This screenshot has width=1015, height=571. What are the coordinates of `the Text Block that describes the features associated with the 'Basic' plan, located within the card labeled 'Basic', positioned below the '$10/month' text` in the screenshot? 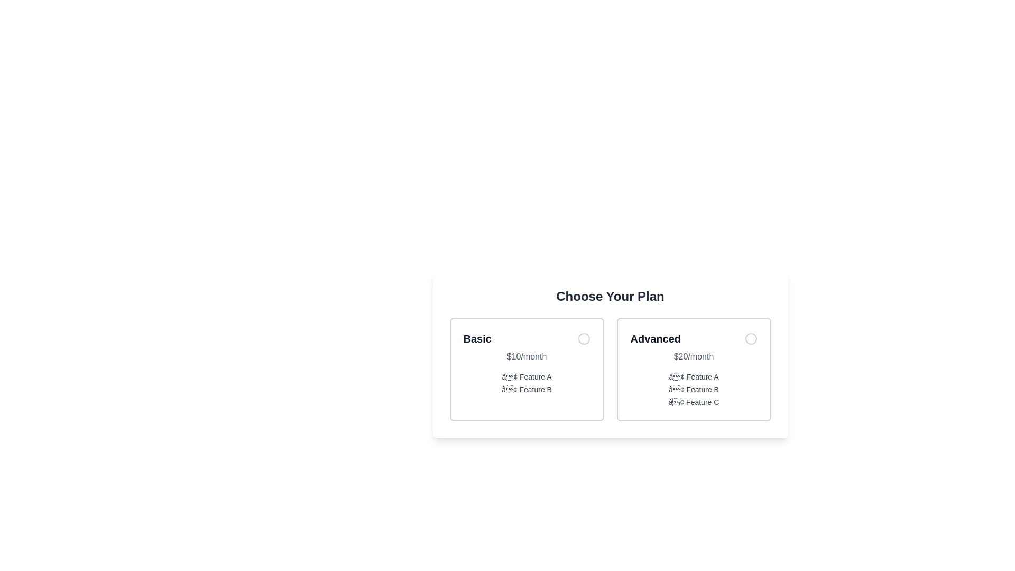 It's located at (527, 383).